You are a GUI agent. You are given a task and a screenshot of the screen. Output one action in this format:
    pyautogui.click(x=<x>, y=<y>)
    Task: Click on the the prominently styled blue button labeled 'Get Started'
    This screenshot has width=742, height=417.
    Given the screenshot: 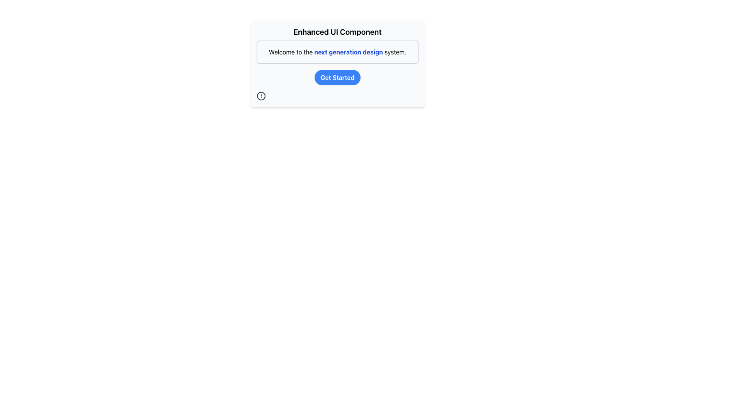 What is the action you would take?
    pyautogui.click(x=337, y=77)
    